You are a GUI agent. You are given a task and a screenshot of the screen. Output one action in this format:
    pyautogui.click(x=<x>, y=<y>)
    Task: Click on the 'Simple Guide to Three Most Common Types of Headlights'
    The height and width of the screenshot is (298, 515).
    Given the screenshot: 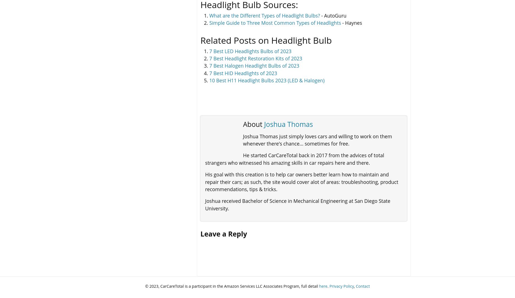 What is the action you would take?
    pyautogui.click(x=209, y=23)
    